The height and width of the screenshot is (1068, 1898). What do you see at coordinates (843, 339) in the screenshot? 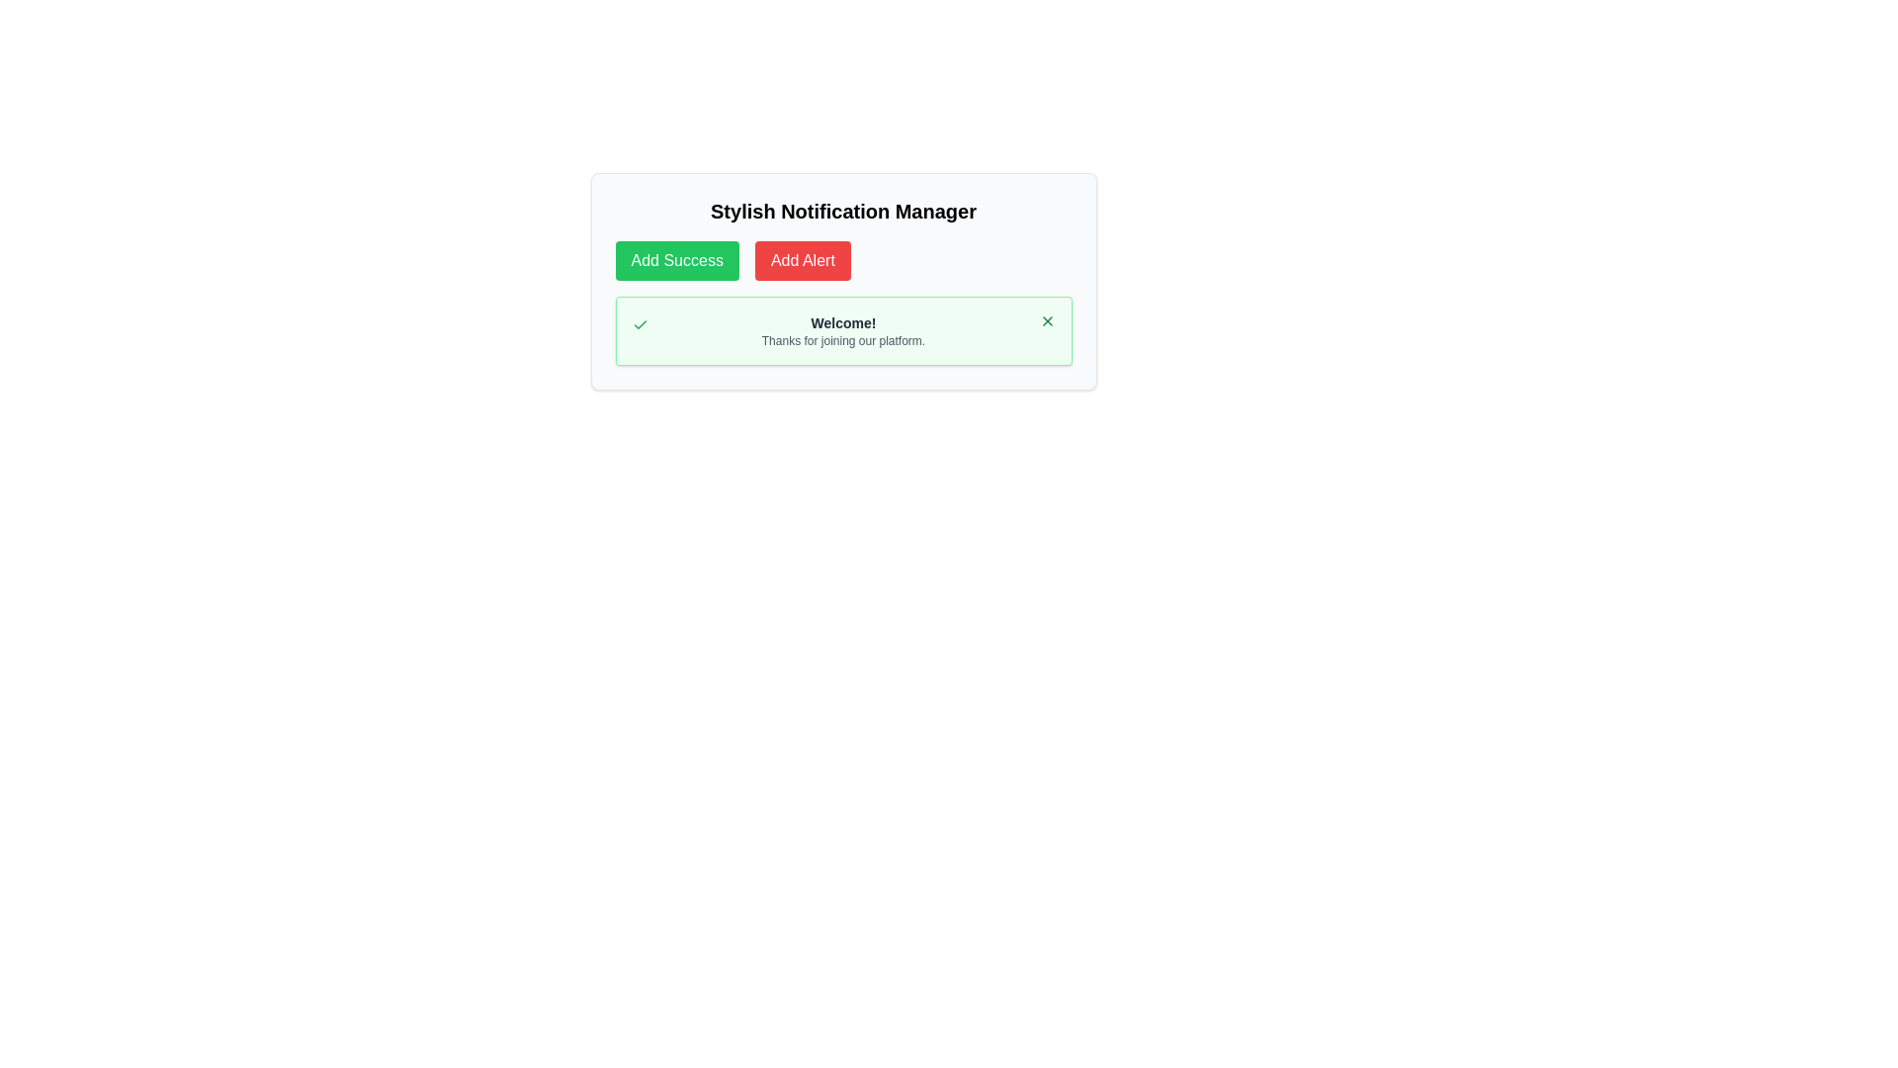
I see `the text label that says 'Thanks for joining our platform.' which is located below the bold text 'Welcome!' in the notification component` at bounding box center [843, 339].